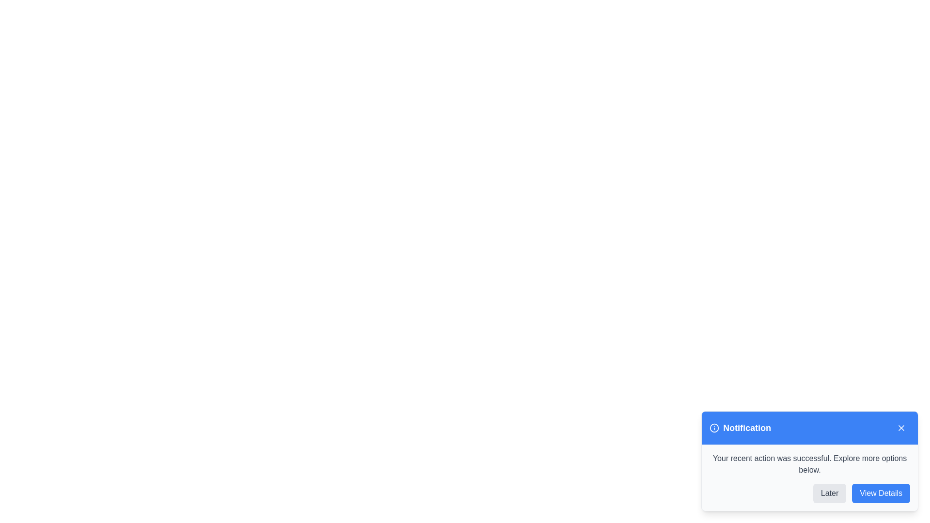 Image resolution: width=930 pixels, height=523 pixels. What do you see at coordinates (809, 493) in the screenshot?
I see `the buttons in the notification card located near the bottom, below the text 'Your recent action was successful. Explore more options below.'` at bounding box center [809, 493].